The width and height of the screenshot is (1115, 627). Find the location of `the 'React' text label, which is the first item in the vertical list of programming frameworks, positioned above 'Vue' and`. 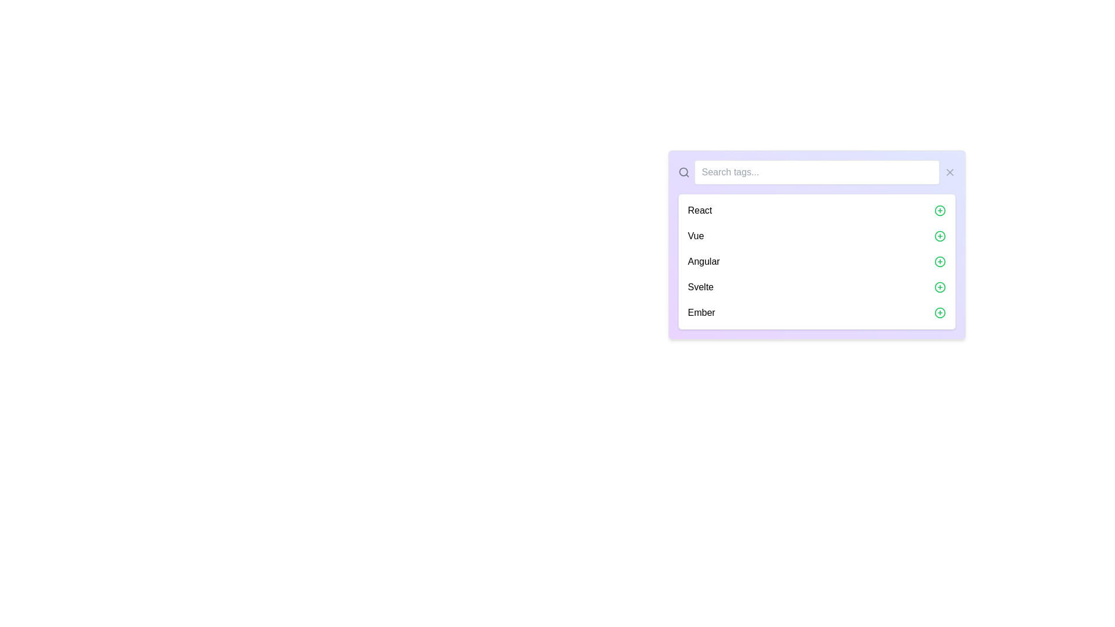

the 'React' text label, which is the first item in the vertical list of programming frameworks, positioned above 'Vue' and is located at coordinates (699, 210).